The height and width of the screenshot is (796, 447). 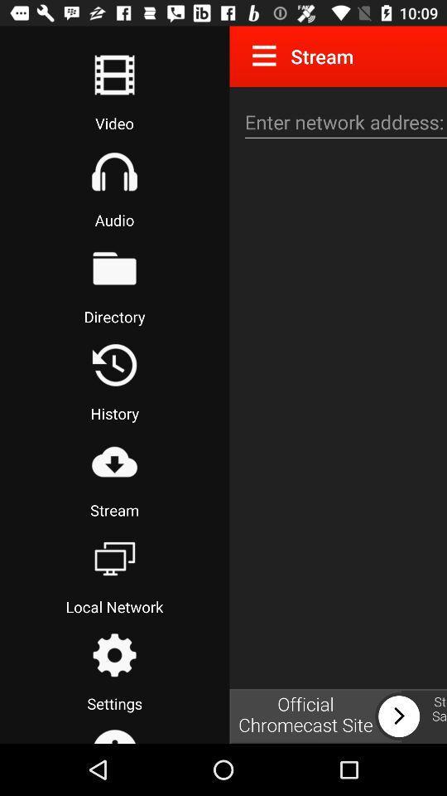 What do you see at coordinates (113, 365) in the screenshot?
I see `the history icon` at bounding box center [113, 365].